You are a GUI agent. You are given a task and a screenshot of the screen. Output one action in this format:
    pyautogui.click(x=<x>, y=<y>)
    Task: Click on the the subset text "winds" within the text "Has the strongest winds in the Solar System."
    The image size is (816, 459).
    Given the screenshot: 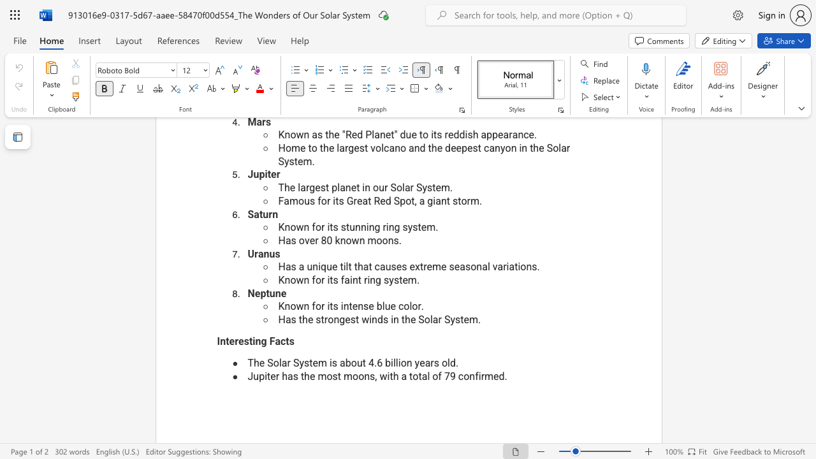 What is the action you would take?
    pyautogui.click(x=361, y=319)
    